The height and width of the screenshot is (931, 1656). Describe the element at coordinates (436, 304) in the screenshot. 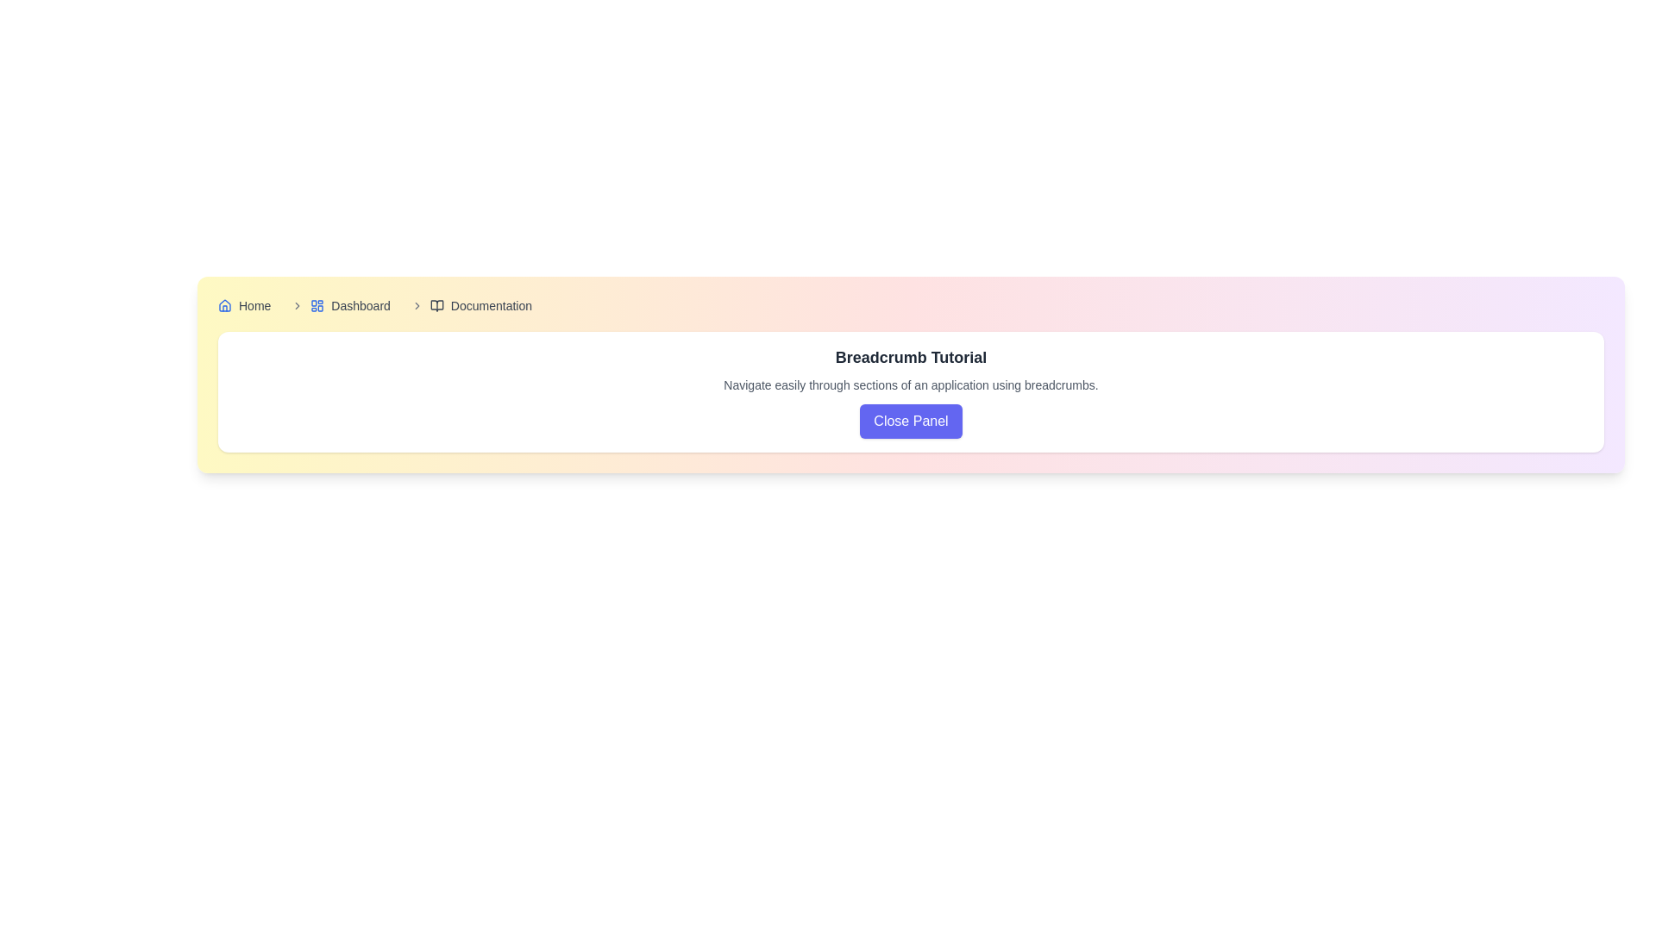

I see `near the decorative SVG icon representing the 'Documentation' section in the breadcrumb navigation` at that location.